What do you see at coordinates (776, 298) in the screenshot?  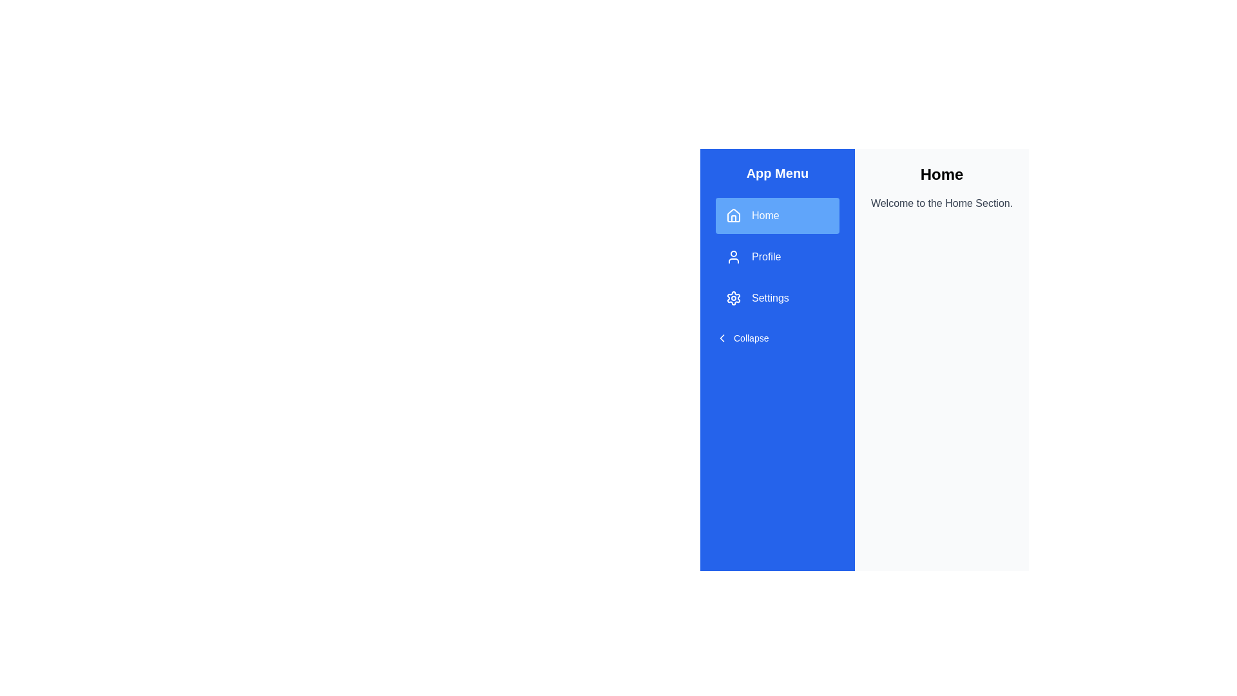 I see `the Settings button to navigate to the corresponding section` at bounding box center [776, 298].